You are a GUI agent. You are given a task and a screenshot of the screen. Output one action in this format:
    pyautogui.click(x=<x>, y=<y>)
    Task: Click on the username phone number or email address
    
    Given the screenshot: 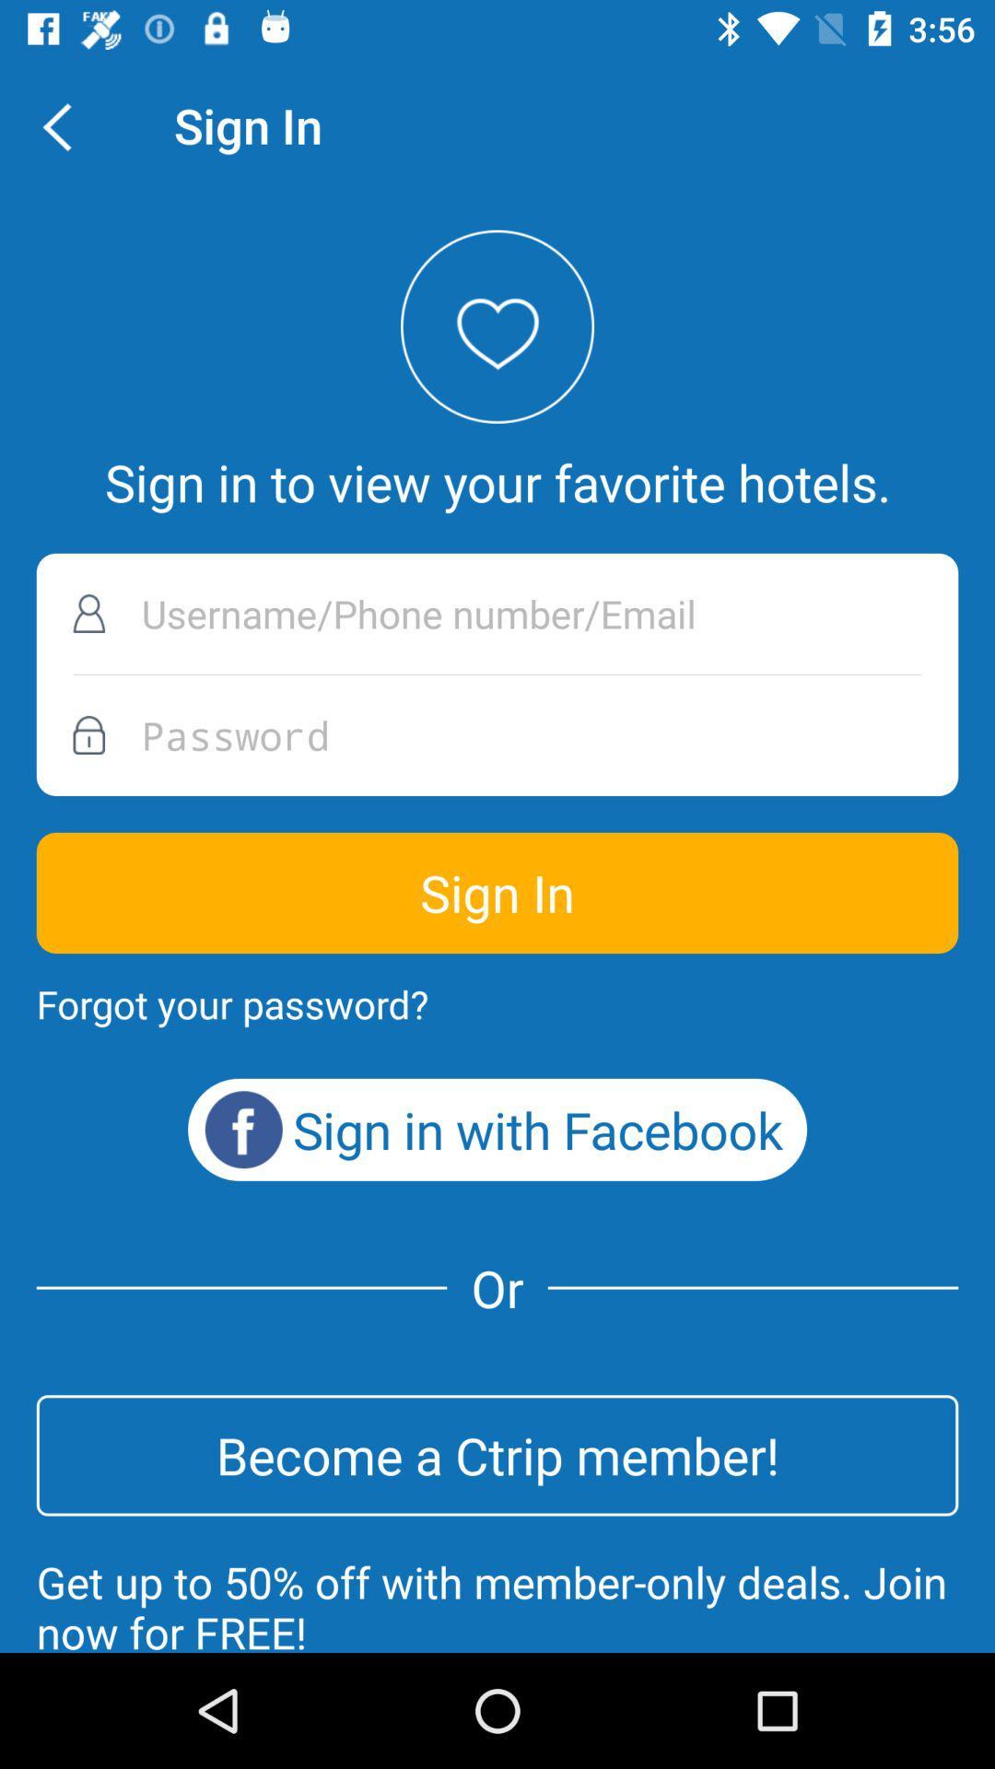 What is the action you would take?
    pyautogui.click(x=497, y=614)
    